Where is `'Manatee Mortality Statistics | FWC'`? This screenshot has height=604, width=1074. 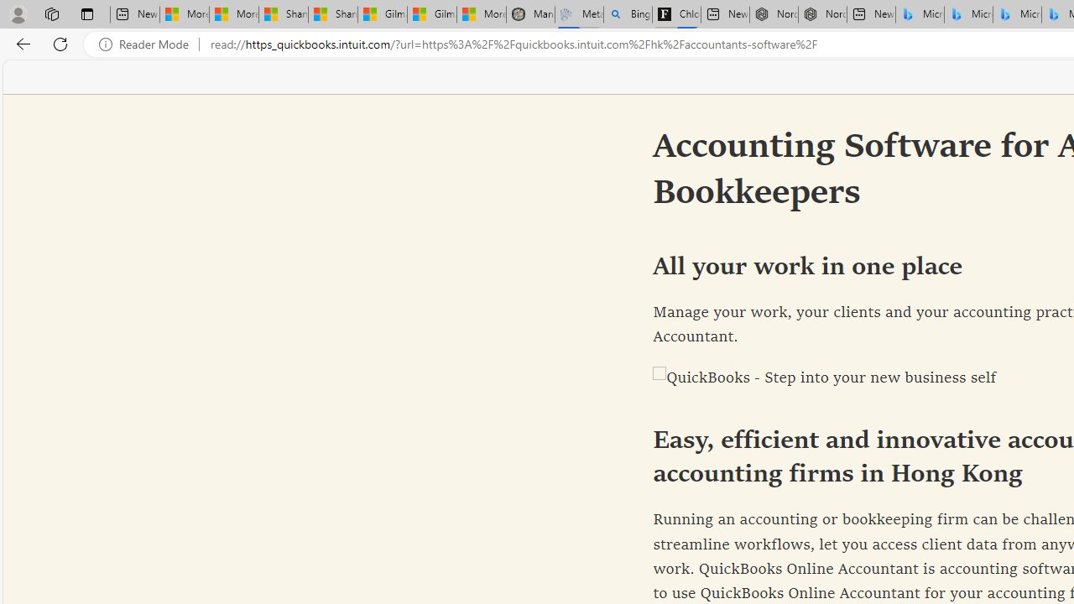 'Manatee Mortality Statistics | FWC' is located at coordinates (529, 14).